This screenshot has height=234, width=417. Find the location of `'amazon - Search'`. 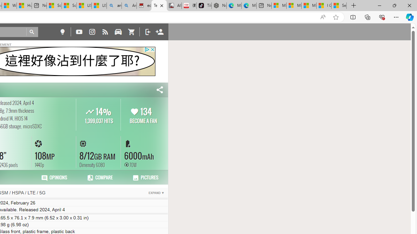

'amazon - Search' is located at coordinates (114, 6).